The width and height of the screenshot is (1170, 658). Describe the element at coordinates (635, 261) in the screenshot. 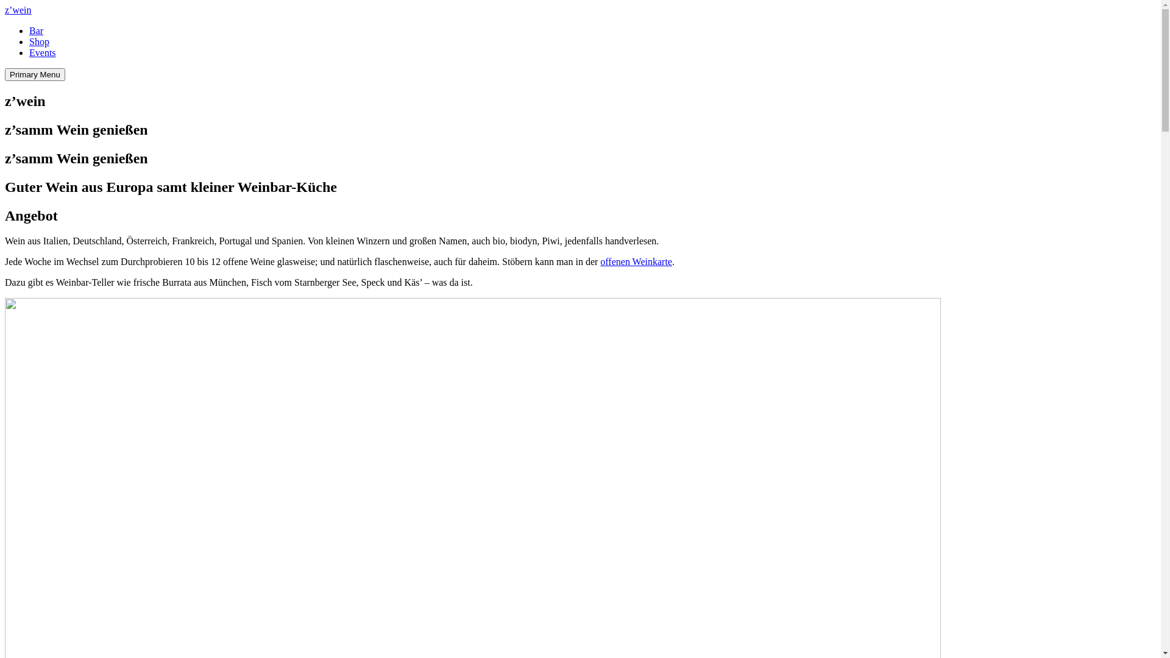

I see `'offenen Weinkarte'` at that location.